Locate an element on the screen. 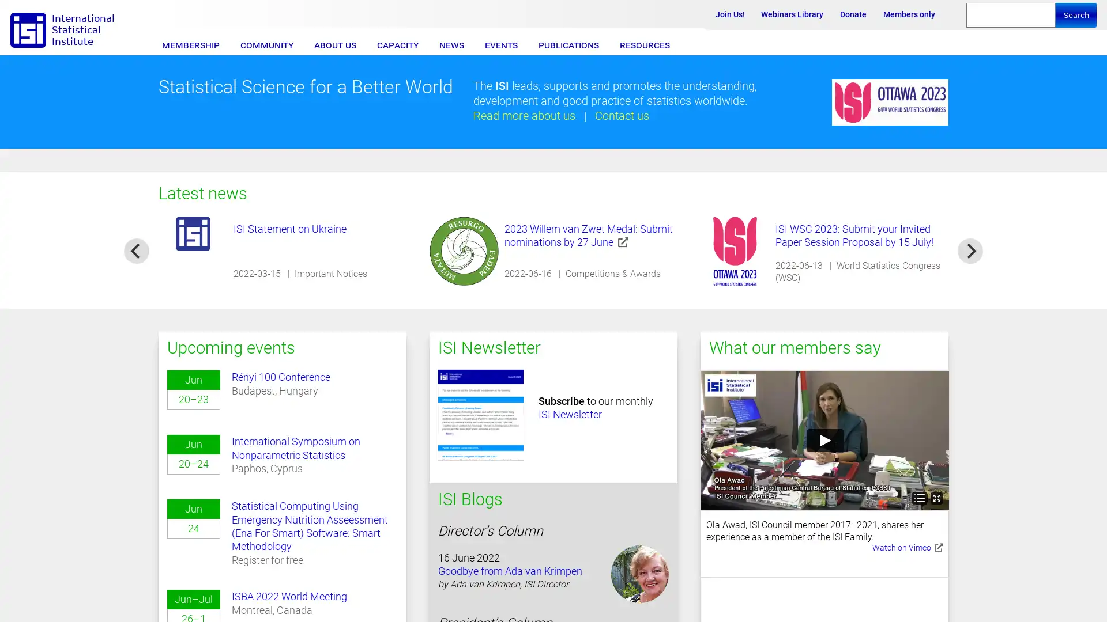 The width and height of the screenshot is (1107, 622). next is located at coordinates (970, 250).